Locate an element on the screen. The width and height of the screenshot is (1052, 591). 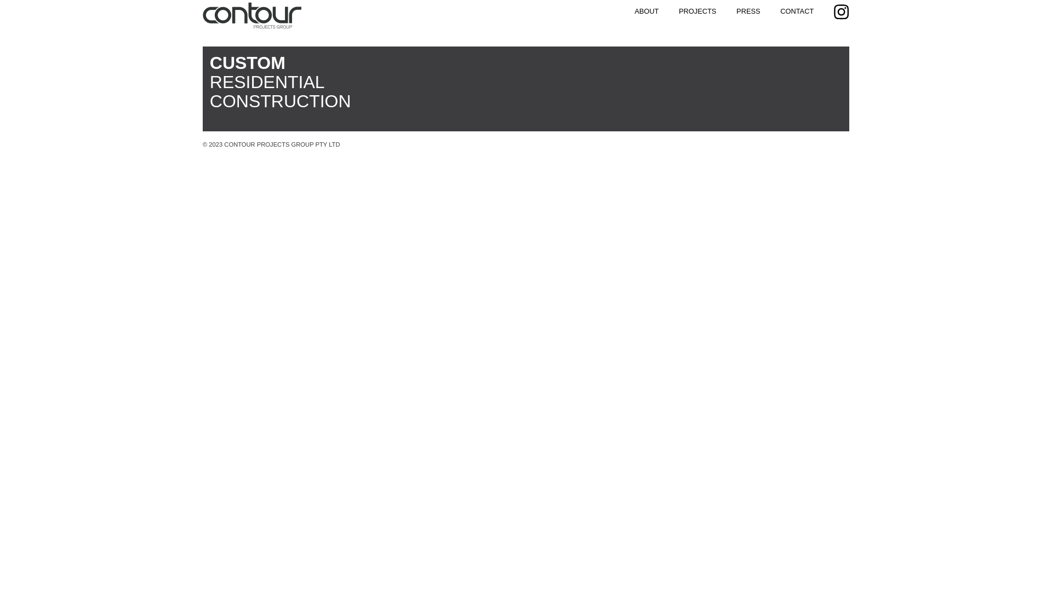
'PROJECTS' is located at coordinates (678, 11).